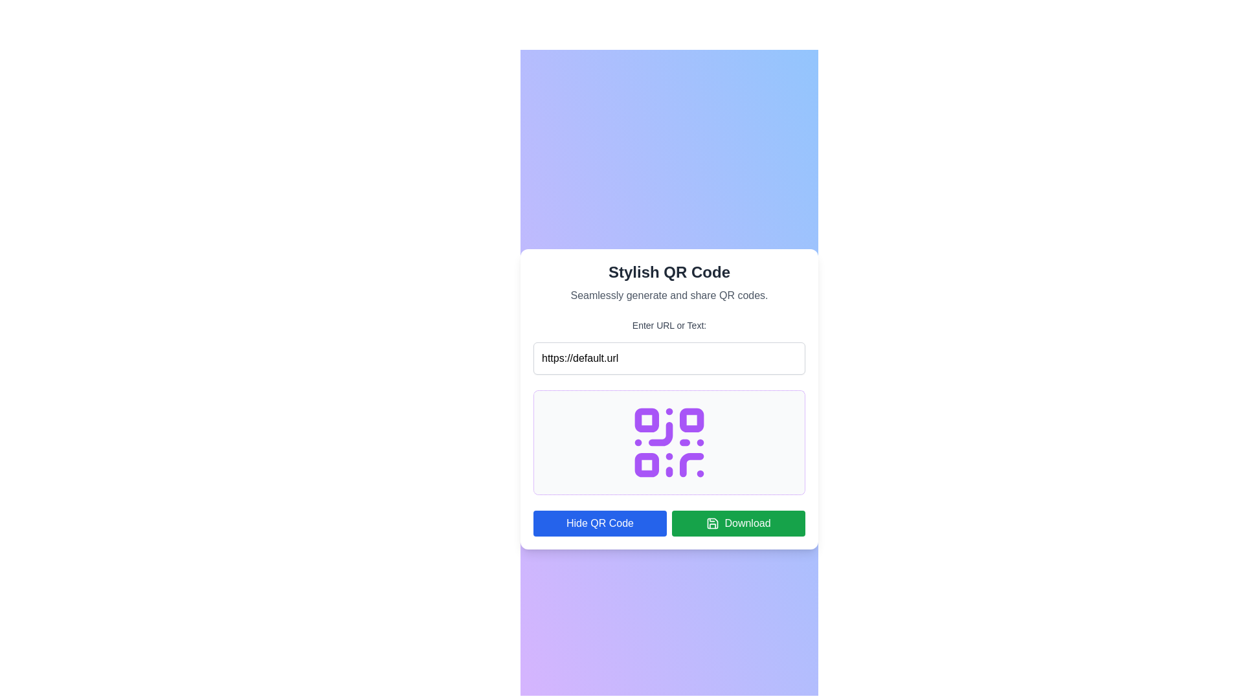  What do you see at coordinates (739, 523) in the screenshot?
I see `the green rectangular 'Download' button with a white save icon to initiate the download` at bounding box center [739, 523].